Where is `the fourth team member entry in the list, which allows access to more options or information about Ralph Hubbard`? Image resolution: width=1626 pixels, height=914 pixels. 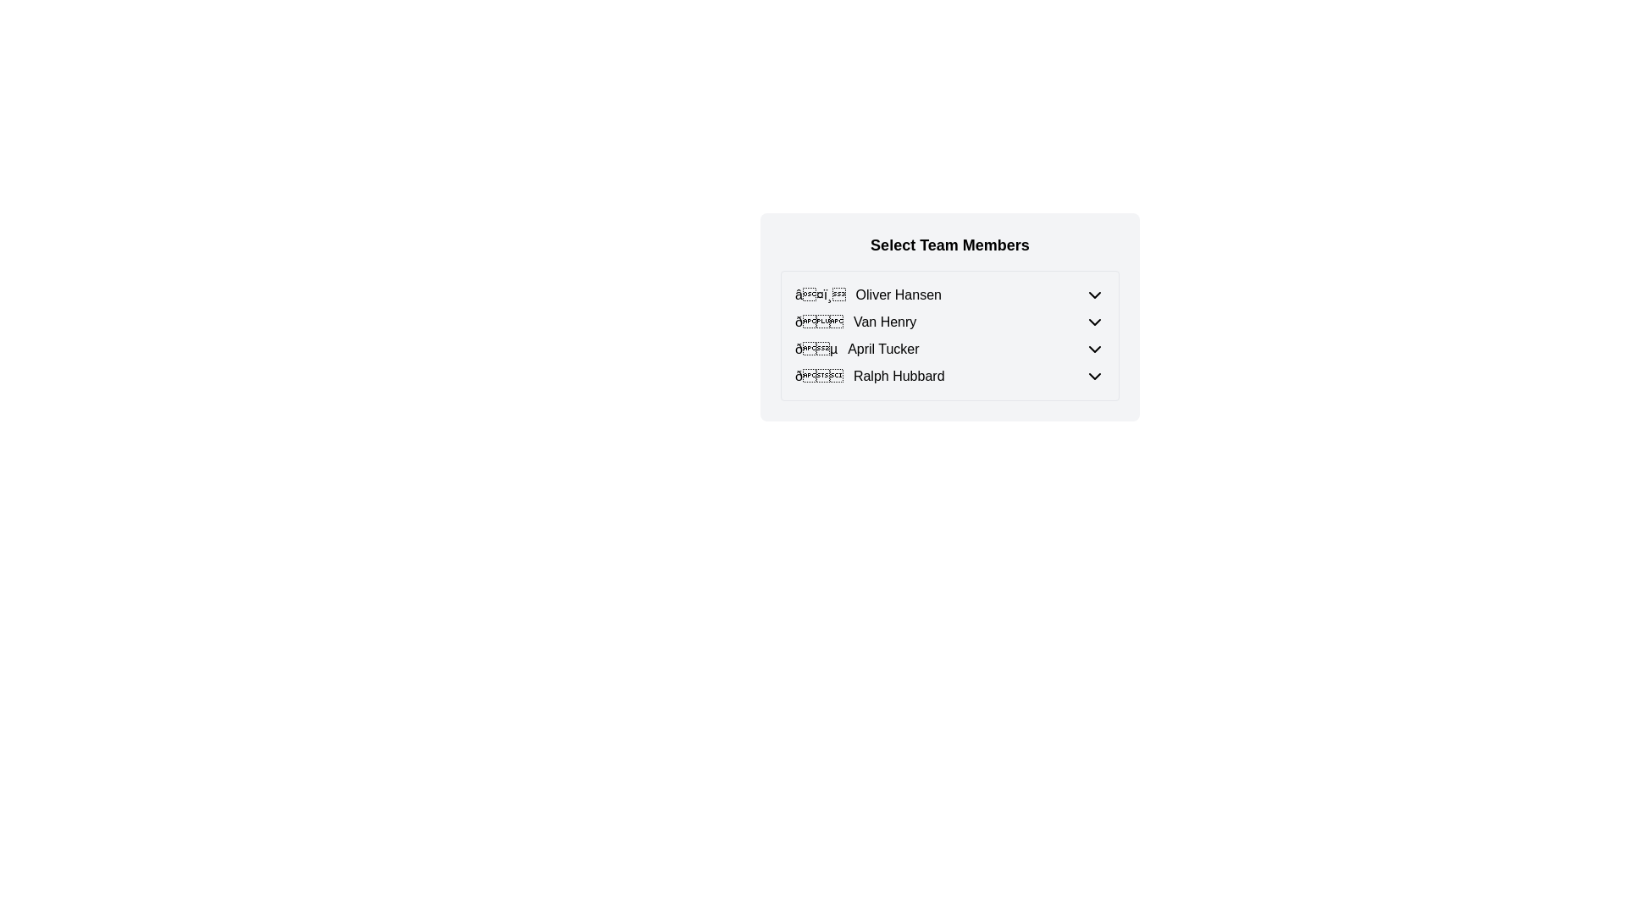
the fourth team member entry in the list, which allows access to more options or information about Ralph Hubbard is located at coordinates (950, 375).